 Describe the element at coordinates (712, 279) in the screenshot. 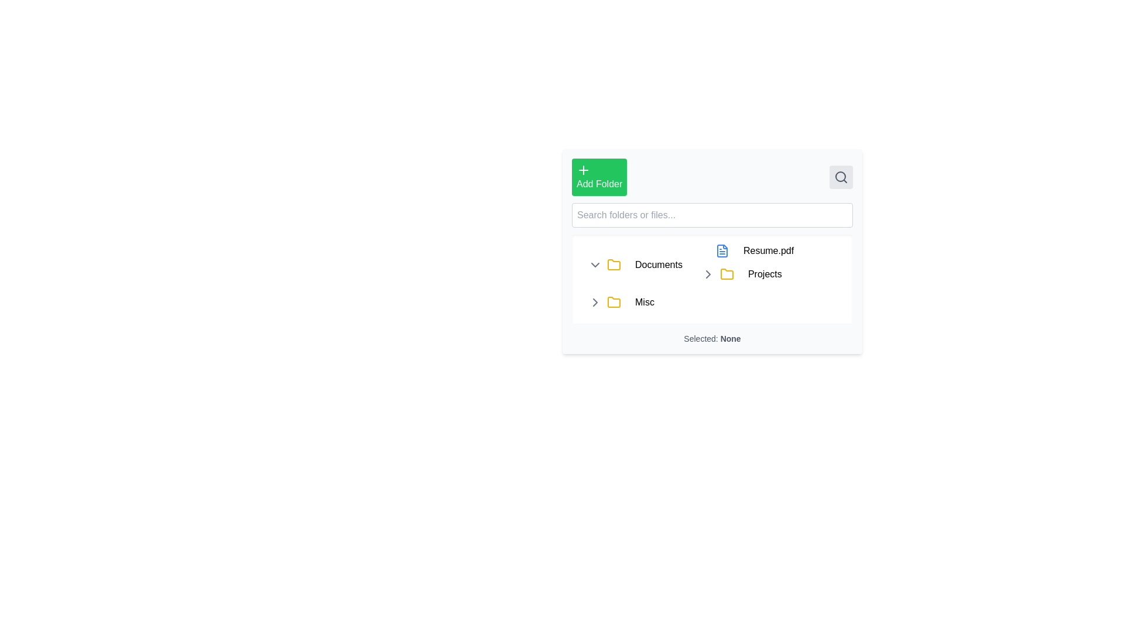

I see `the items within the Content Group that contains folders and files, located below the 'Add Folder' section` at that location.